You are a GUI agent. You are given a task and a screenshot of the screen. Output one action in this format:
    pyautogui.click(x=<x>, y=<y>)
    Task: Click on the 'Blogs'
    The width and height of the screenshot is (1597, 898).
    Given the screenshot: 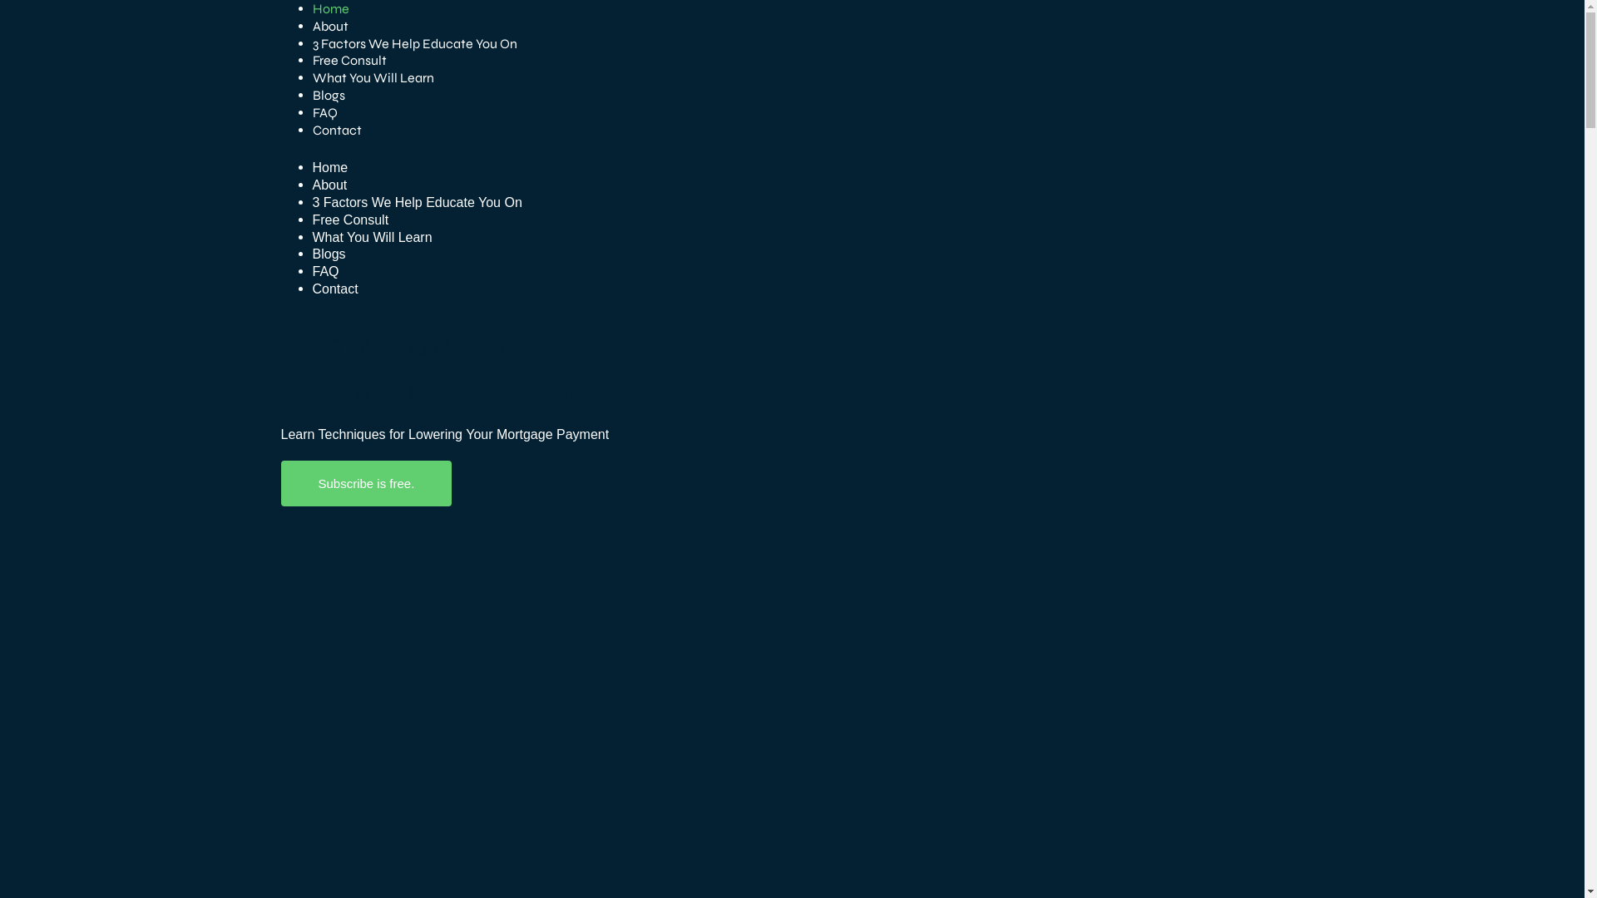 What is the action you would take?
    pyautogui.click(x=329, y=95)
    